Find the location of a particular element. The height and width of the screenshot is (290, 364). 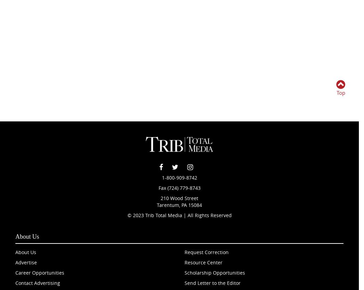

'Fax (724) 779-8743' is located at coordinates (179, 187).